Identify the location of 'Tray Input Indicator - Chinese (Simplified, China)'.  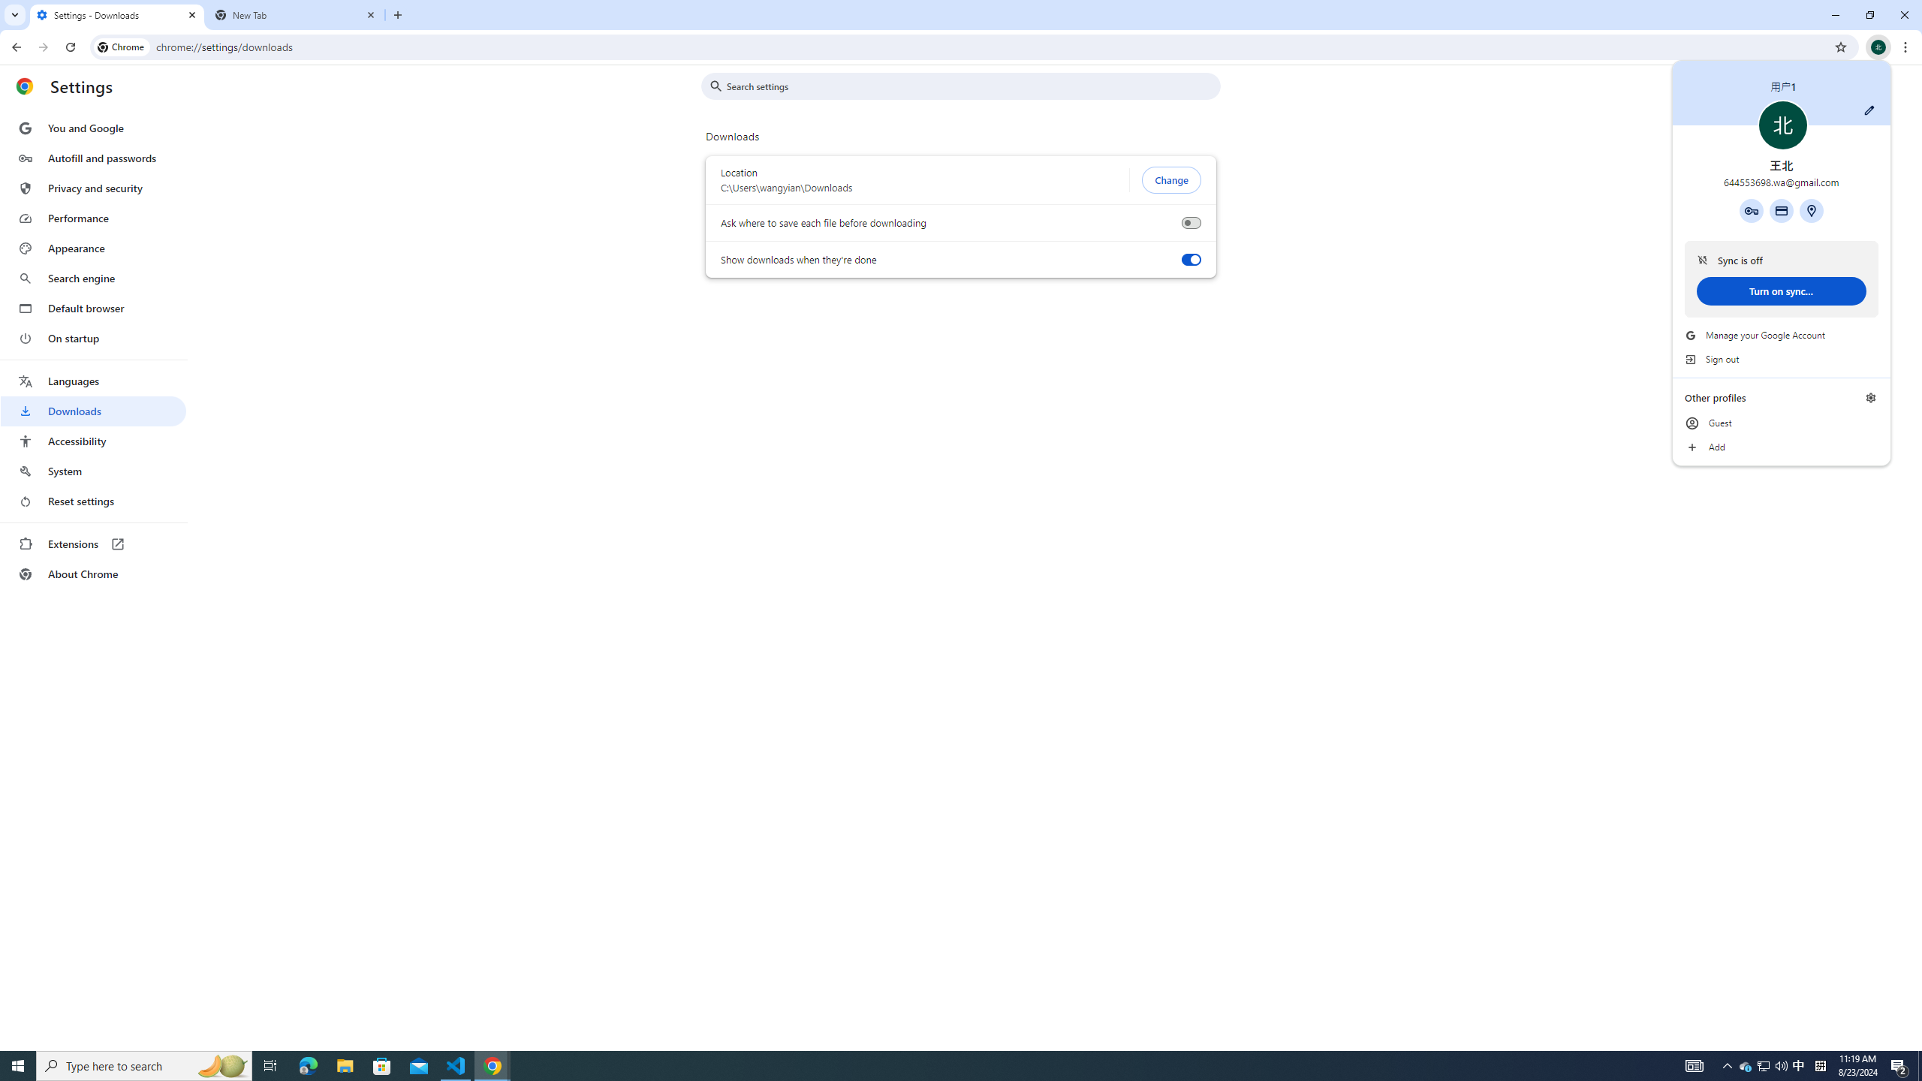
(1820, 1064).